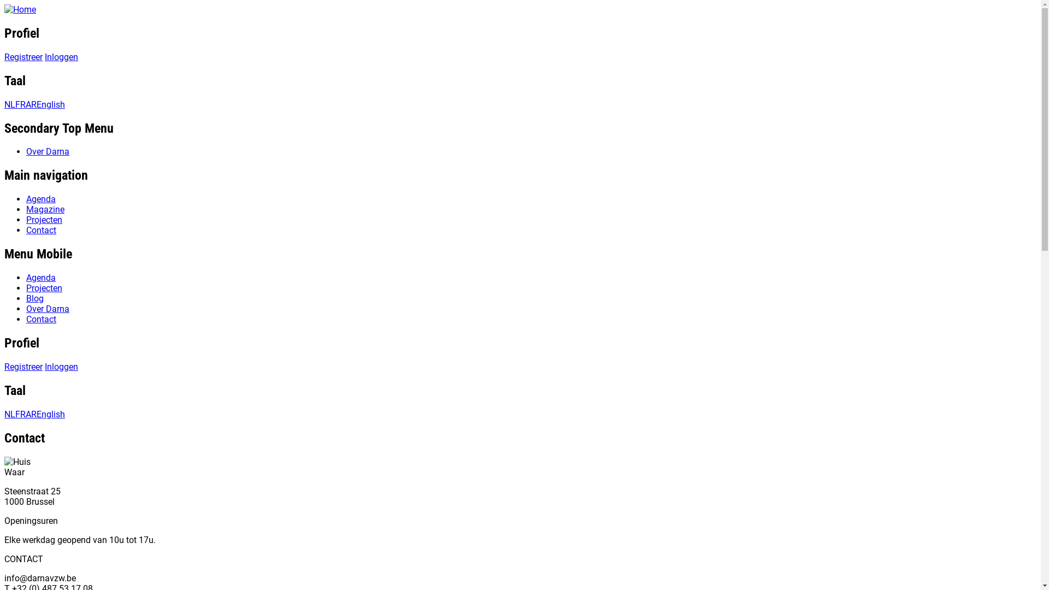 The width and height of the screenshot is (1049, 590). Describe the element at coordinates (50, 414) in the screenshot. I see `'English'` at that location.